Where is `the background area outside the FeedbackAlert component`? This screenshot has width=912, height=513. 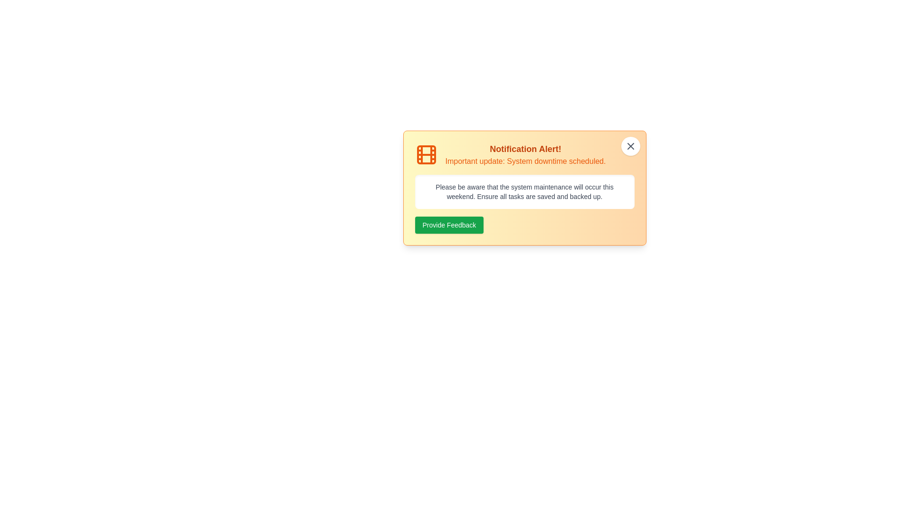
the background area outside the FeedbackAlert component is located at coordinates (47, 47).